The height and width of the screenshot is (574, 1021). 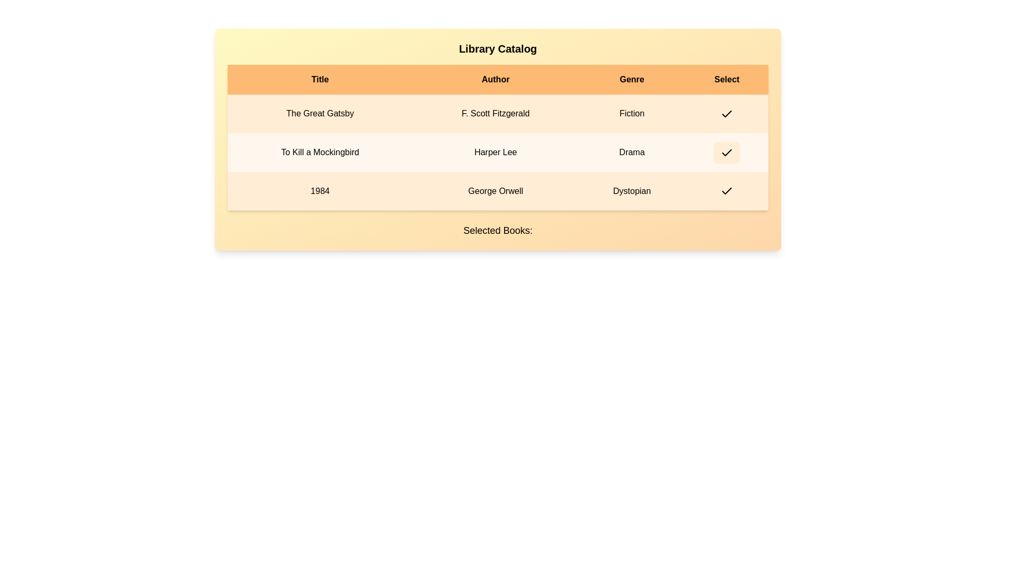 What do you see at coordinates (632, 114) in the screenshot?
I see `the static text label displaying 'Fiction' in bold, dark font, located in the Genre column of the first row of the table` at bounding box center [632, 114].